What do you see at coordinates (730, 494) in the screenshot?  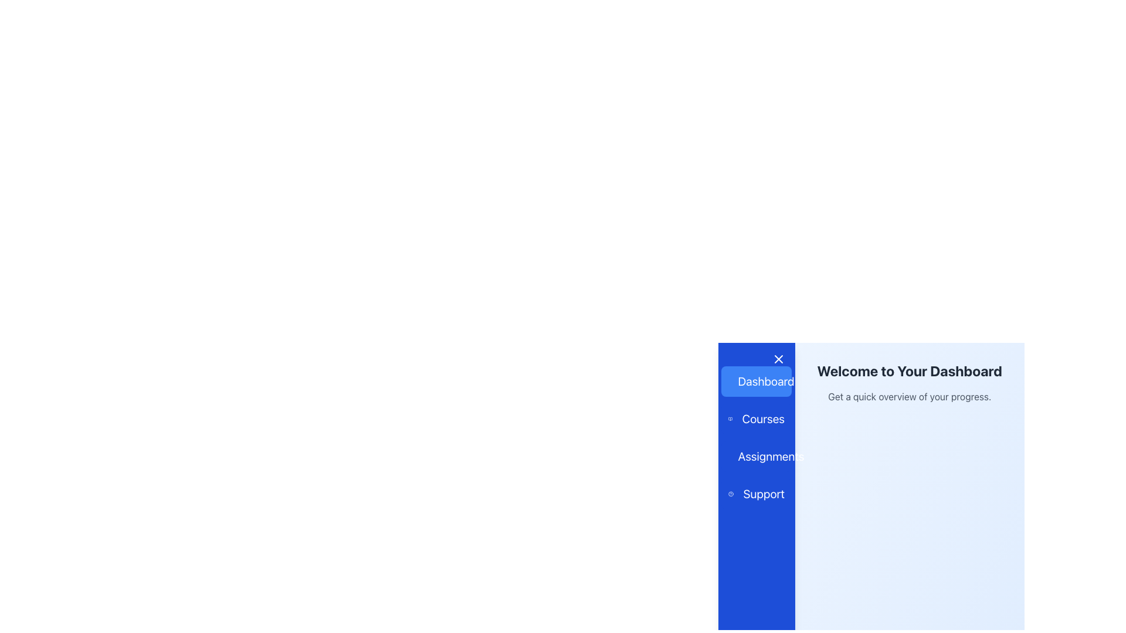 I see `the circular icon with a question mark that is located next to the text 'Support'` at bounding box center [730, 494].